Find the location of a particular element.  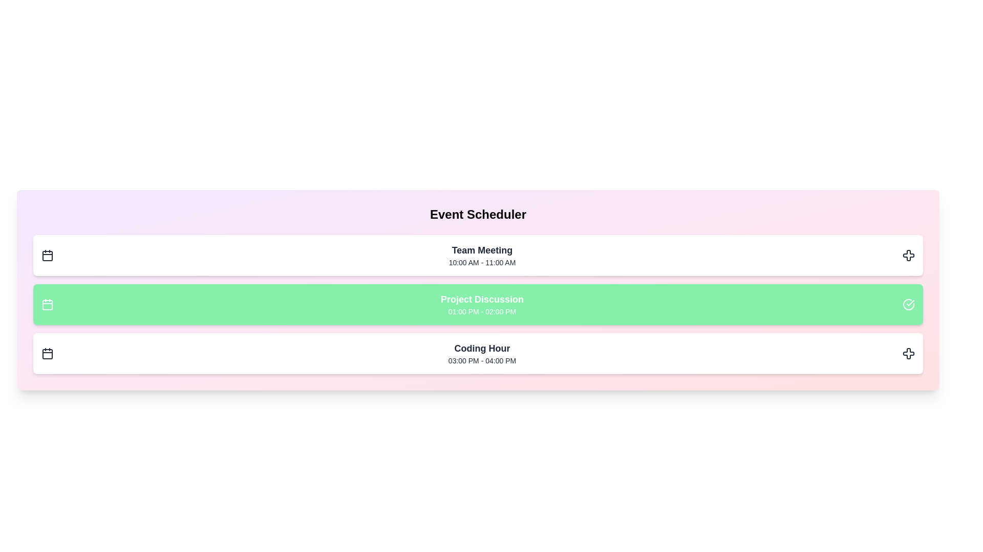

the event titled 'Team Meeting' to observe the hover effect is located at coordinates (478, 255).